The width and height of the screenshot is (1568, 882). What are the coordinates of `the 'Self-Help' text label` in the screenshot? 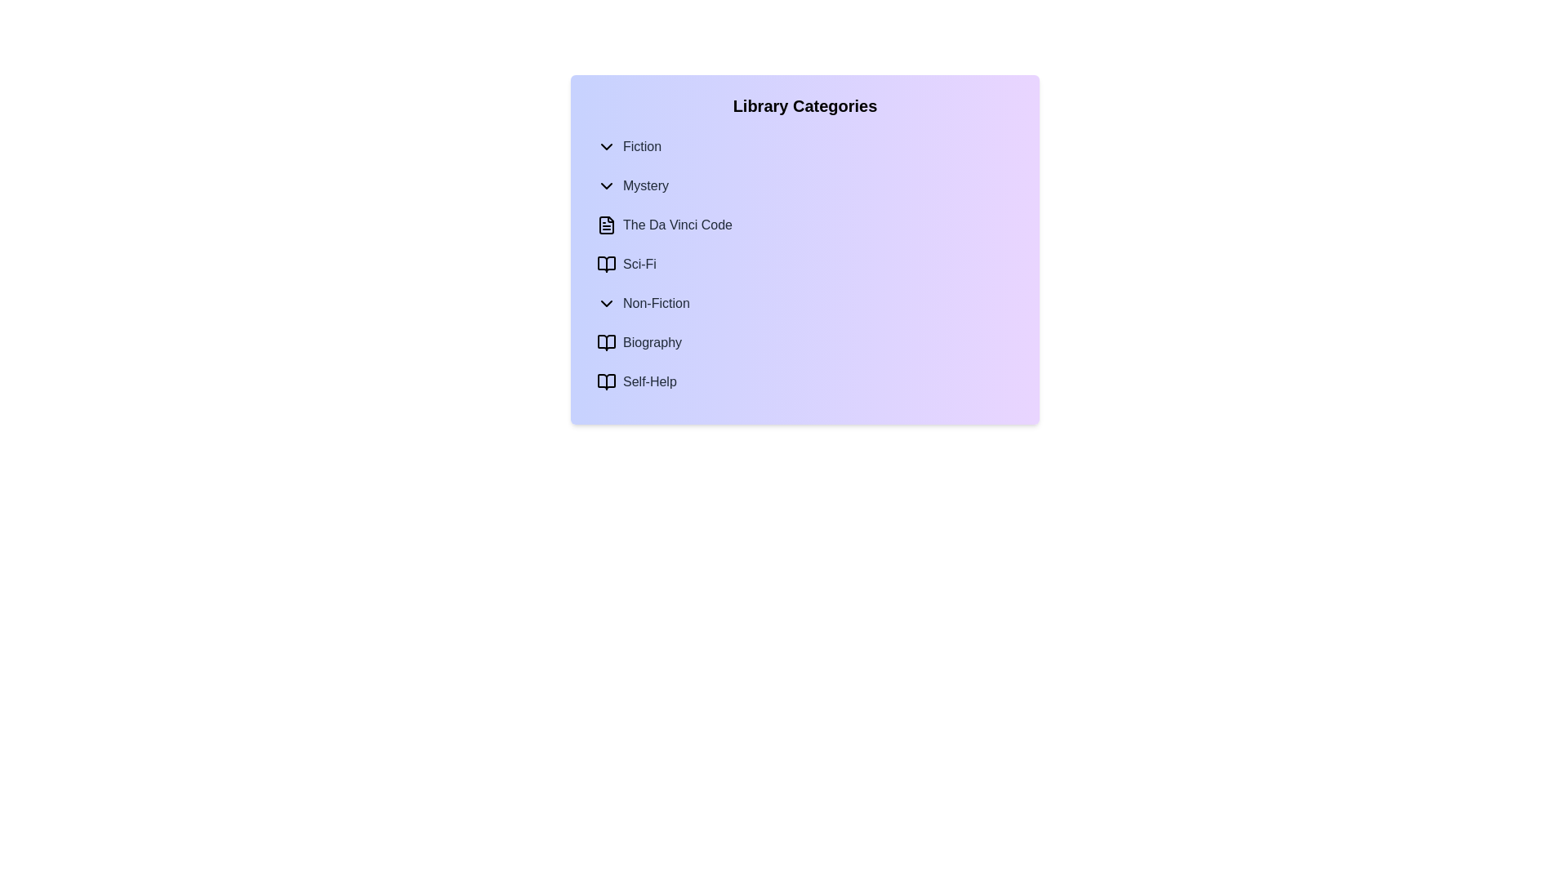 It's located at (648, 381).